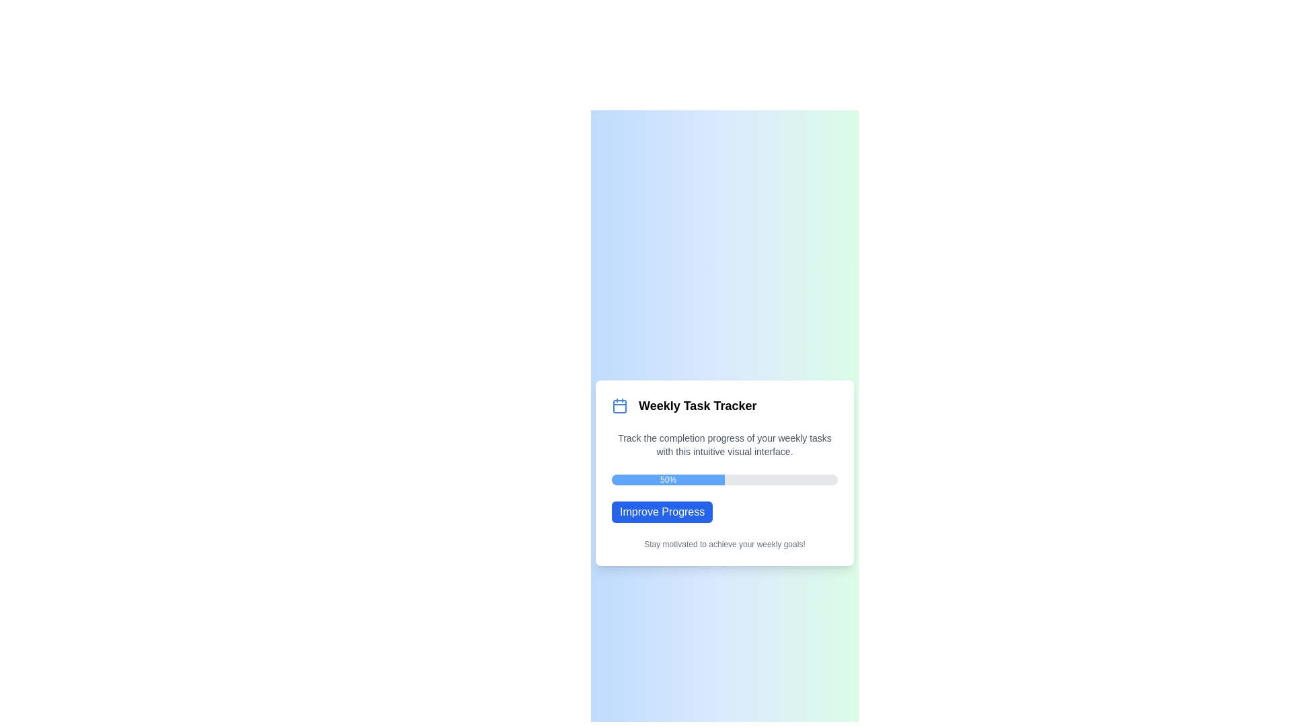 The height and width of the screenshot is (726, 1291). I want to click on the Icon Component inside the calendar icon structure located in the upper left corner of the 'Weekly Task Tracker' card, which is styled as a rectangular area with rounded corners, so click(619, 406).